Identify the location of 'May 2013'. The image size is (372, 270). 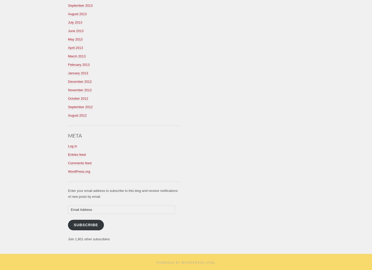
(75, 39).